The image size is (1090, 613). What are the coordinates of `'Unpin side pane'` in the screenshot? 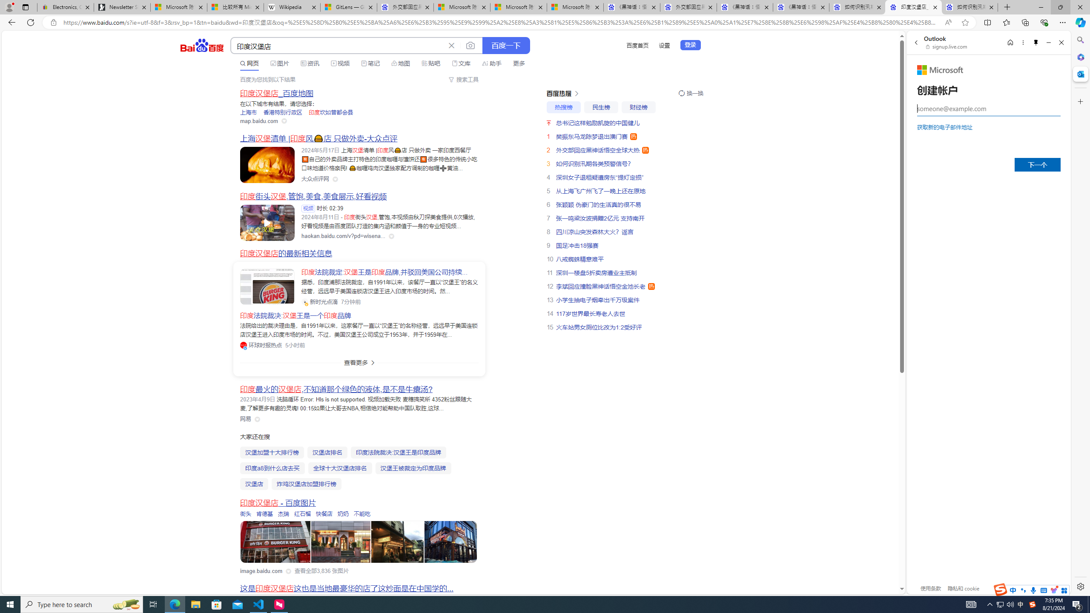 It's located at (1036, 42).